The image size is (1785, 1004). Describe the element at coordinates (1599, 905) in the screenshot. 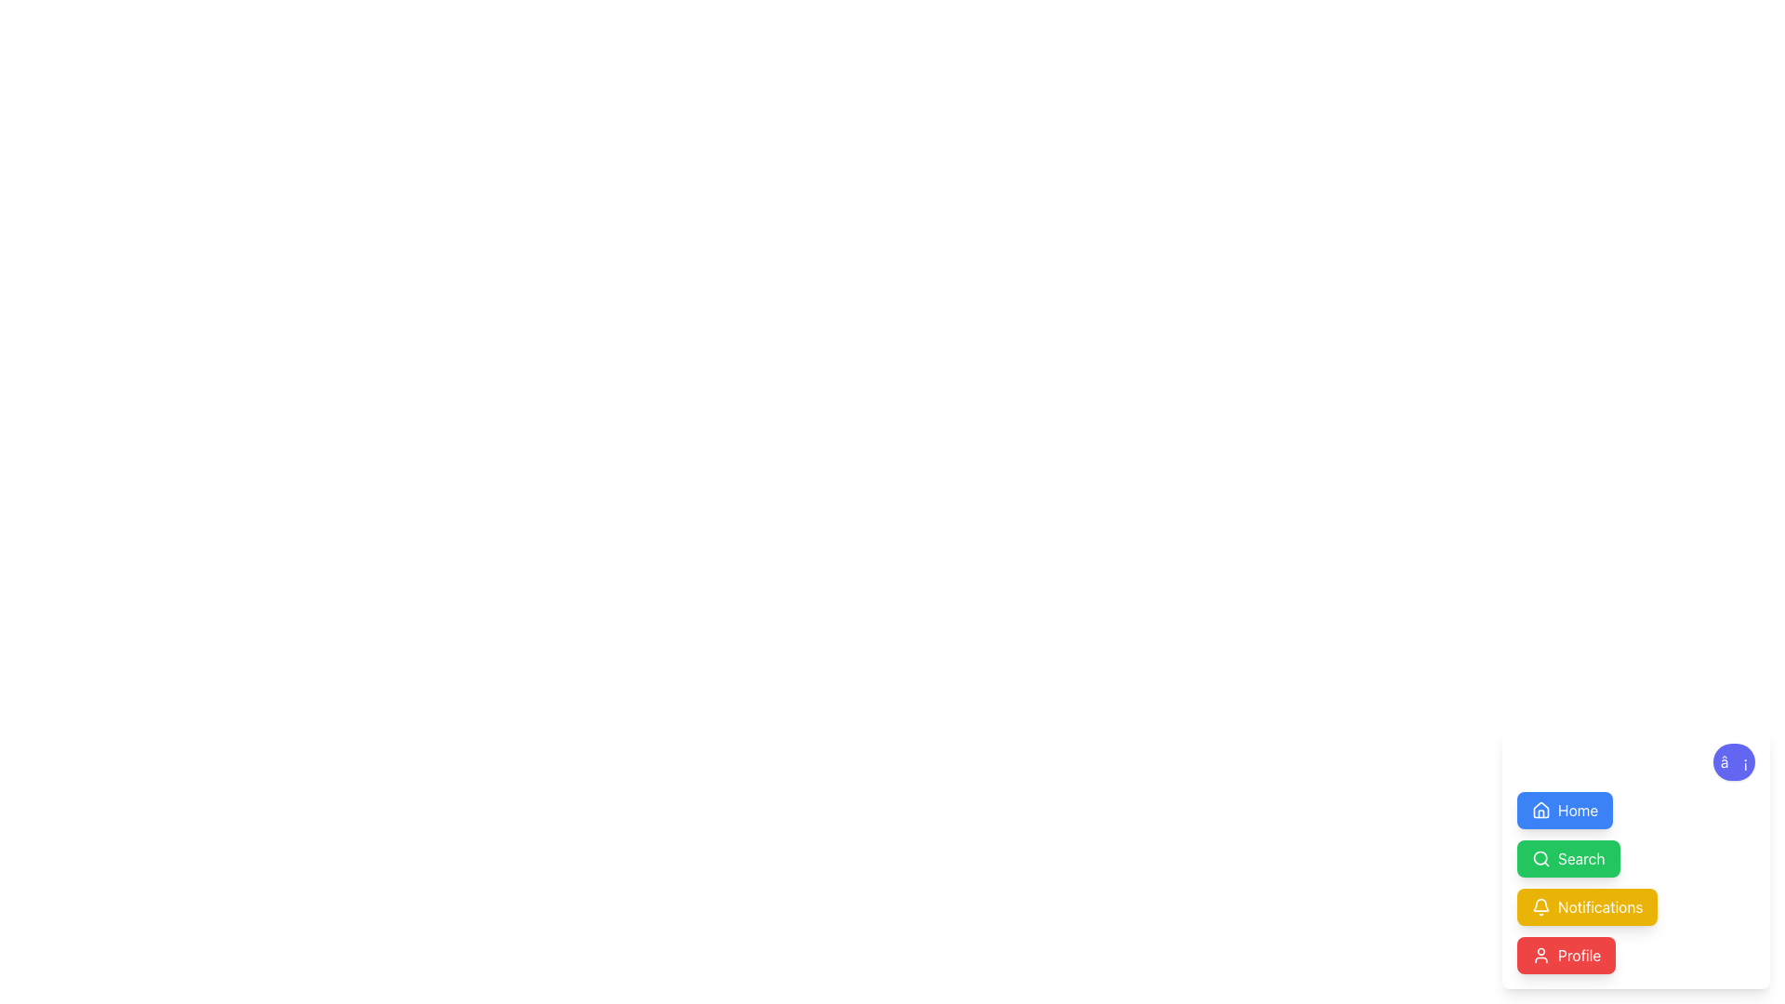

I see `the notification label located on the third button in the vertical list of buttons at the lower right corner of the interface` at that location.